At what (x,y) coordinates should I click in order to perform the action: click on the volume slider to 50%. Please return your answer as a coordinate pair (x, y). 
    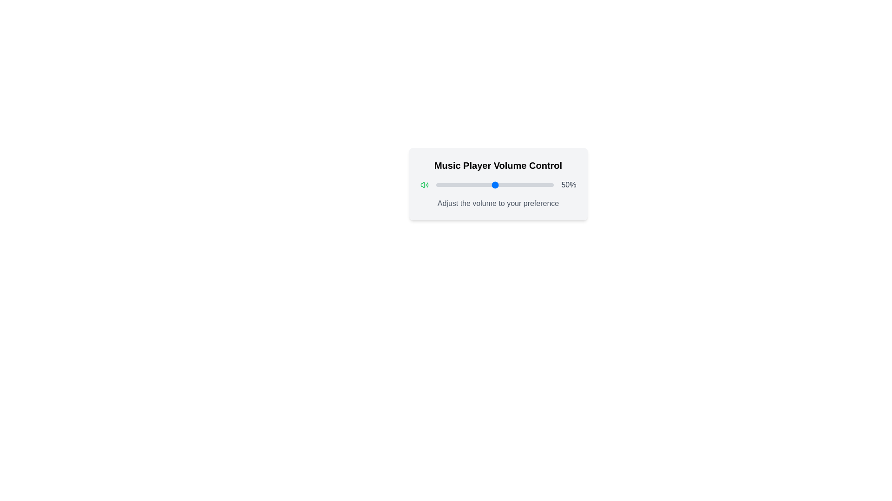
    Looking at the image, I should click on (494, 185).